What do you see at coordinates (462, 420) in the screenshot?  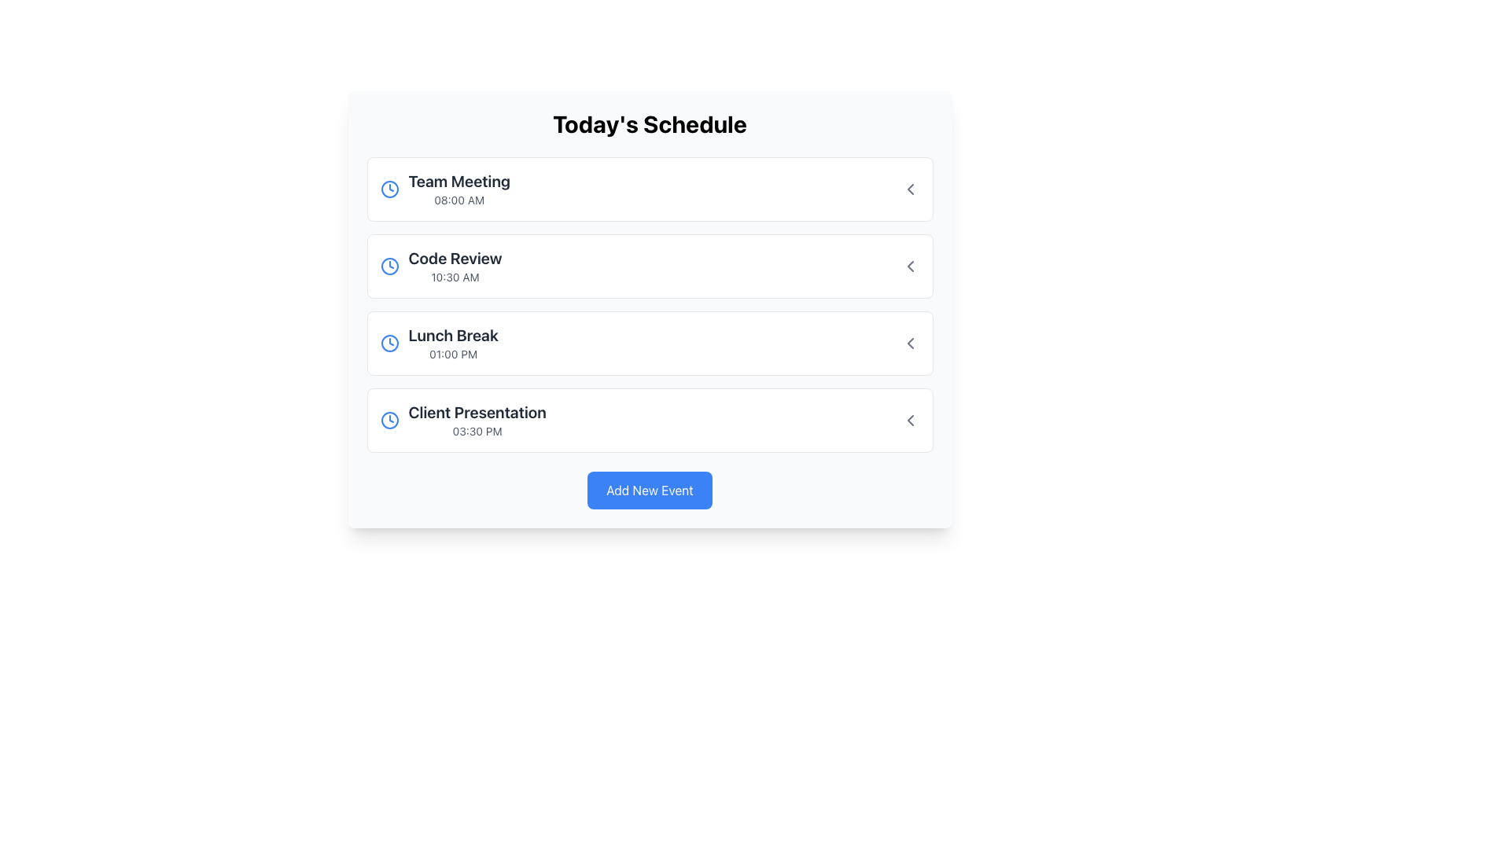 I see `the scheduled event list item titled 'Client Presentation' located in the fourth row beneath 'Lunch Break'` at bounding box center [462, 420].